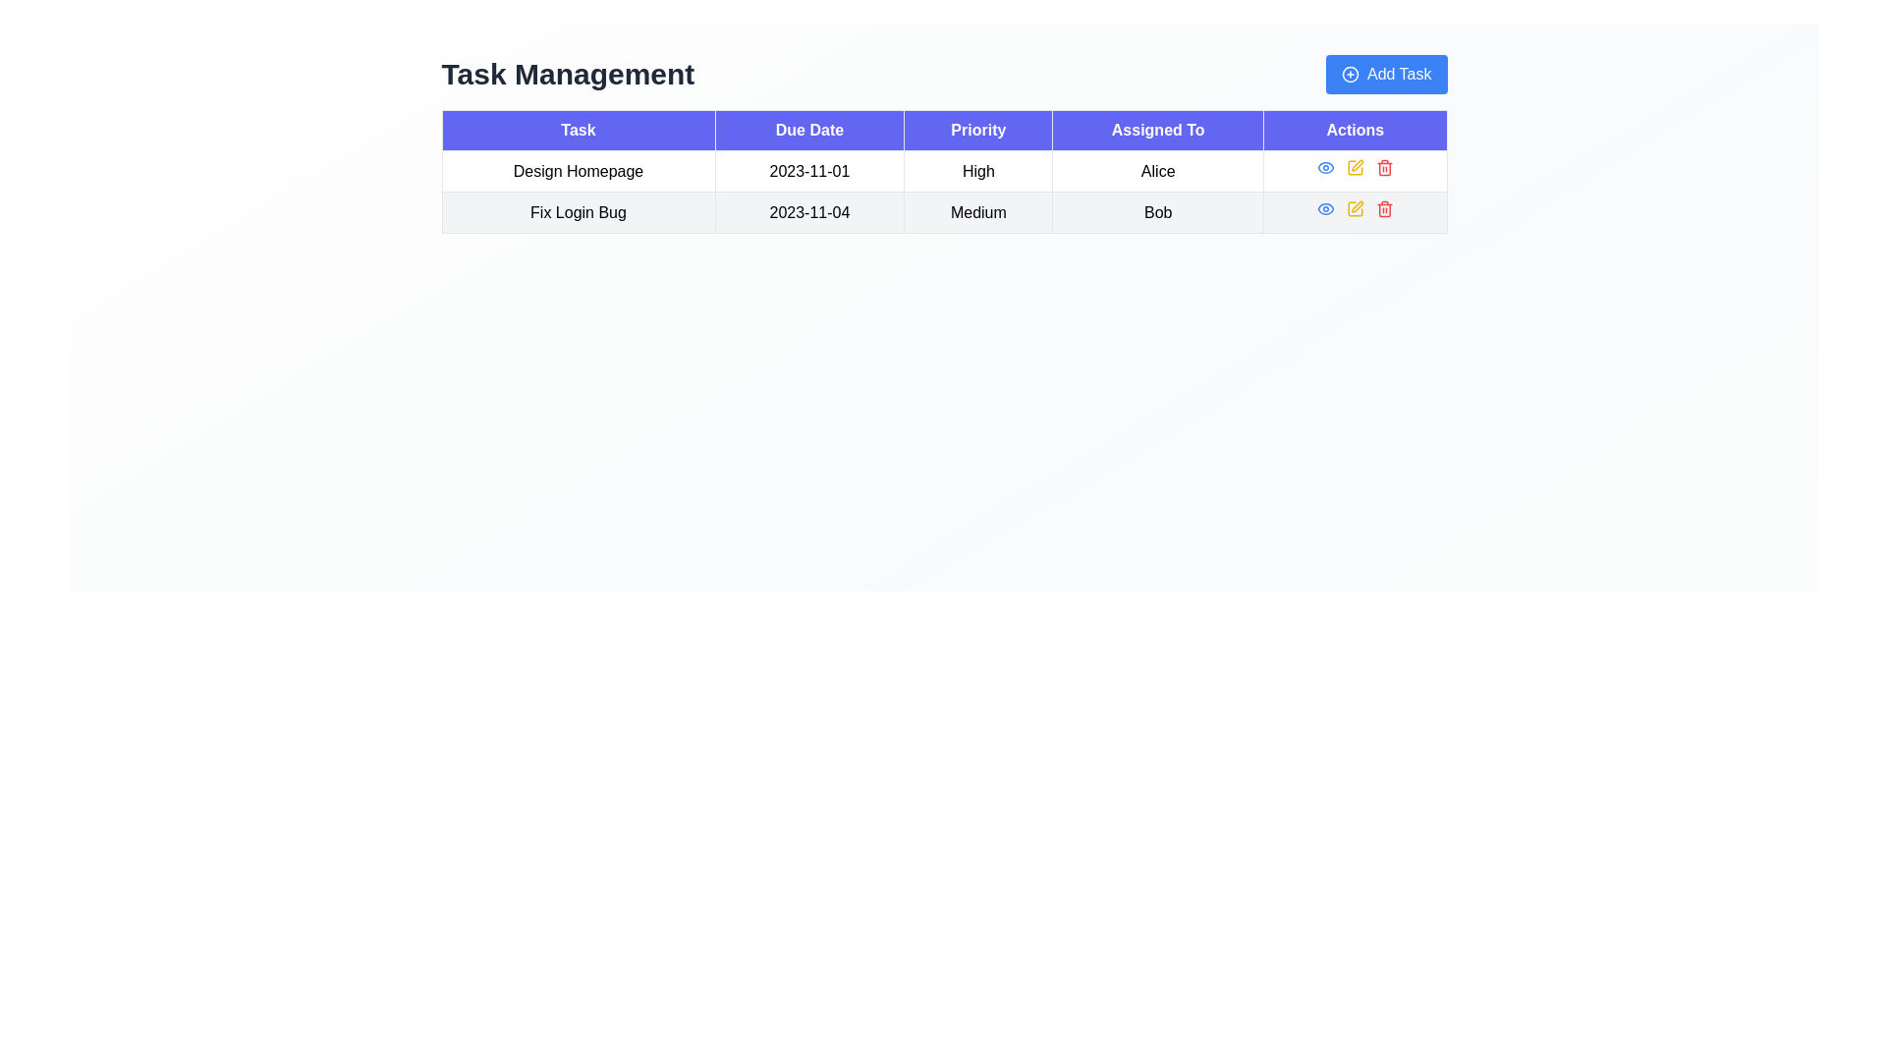 The width and height of the screenshot is (1886, 1061). Describe the element at coordinates (578, 212) in the screenshot. I see `the 'Fix Login Bug' text label in the task management table, which is located in the leftmost cell of the second row labeled 'Fix Login Bug 2023-11-04 Medium Bob'` at that location.